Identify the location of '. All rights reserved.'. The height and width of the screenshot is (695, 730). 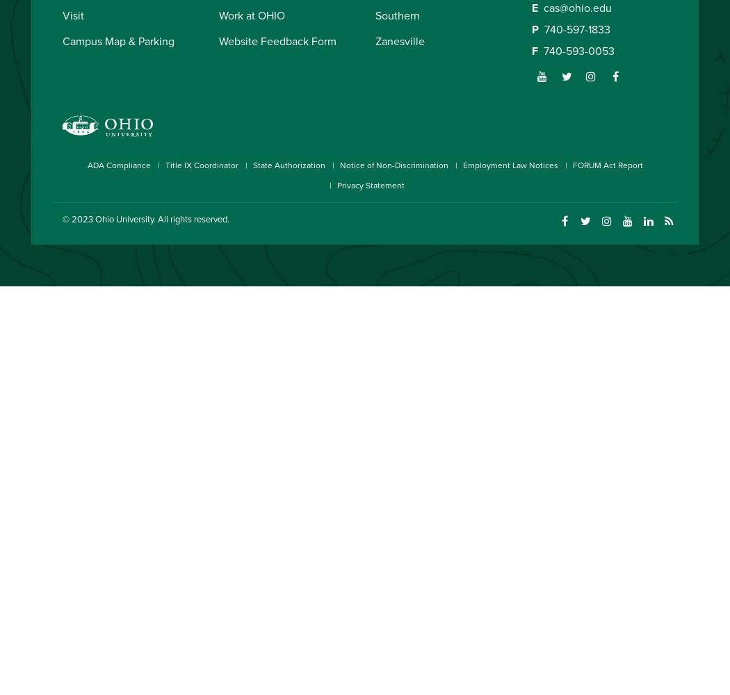
(190, 218).